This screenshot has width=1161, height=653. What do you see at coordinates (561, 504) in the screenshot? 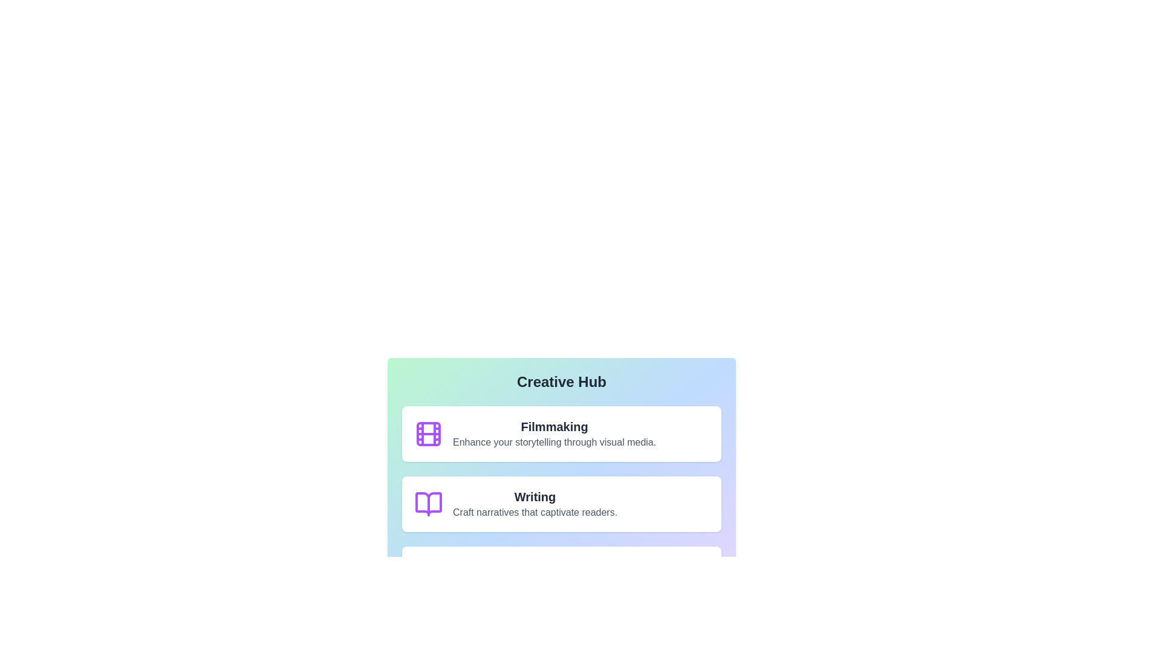
I see `the list item corresponding to Writing to observe its hover effect` at bounding box center [561, 504].